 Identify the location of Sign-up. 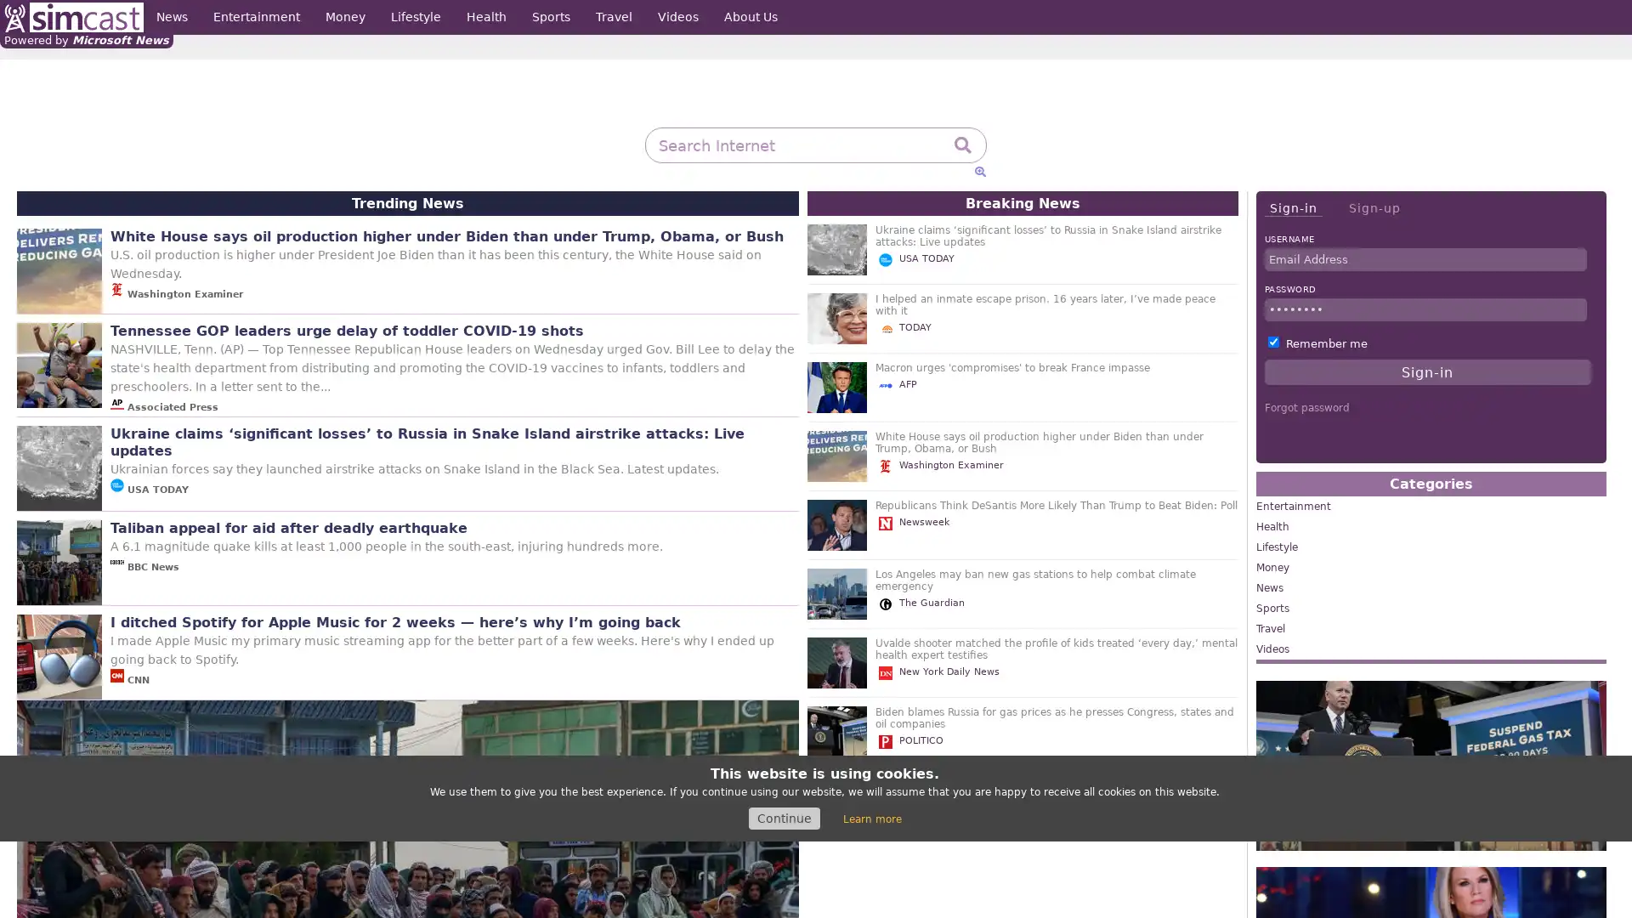
(1374, 207).